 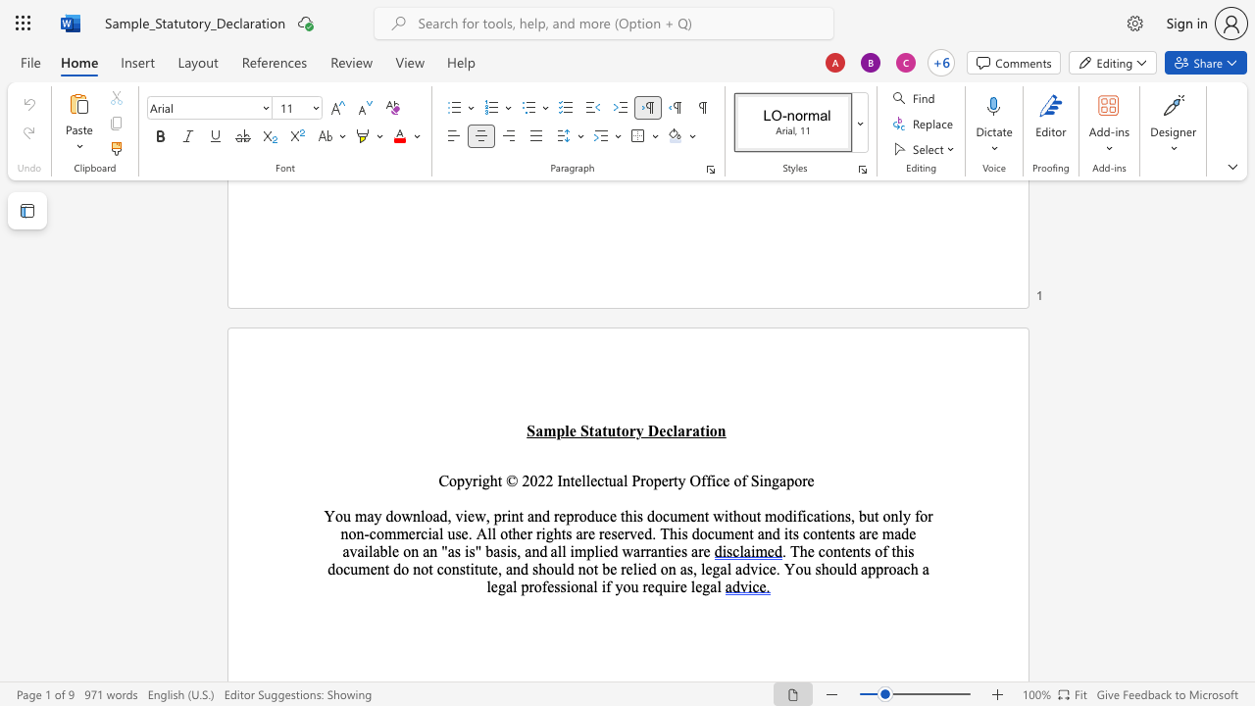 I want to click on the space between the continuous character "t" and "i" in the text, so click(x=705, y=429).